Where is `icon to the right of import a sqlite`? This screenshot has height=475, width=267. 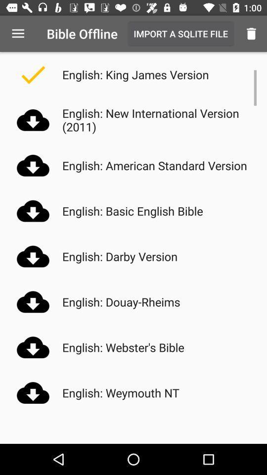 icon to the right of import a sqlite is located at coordinates (251, 34).